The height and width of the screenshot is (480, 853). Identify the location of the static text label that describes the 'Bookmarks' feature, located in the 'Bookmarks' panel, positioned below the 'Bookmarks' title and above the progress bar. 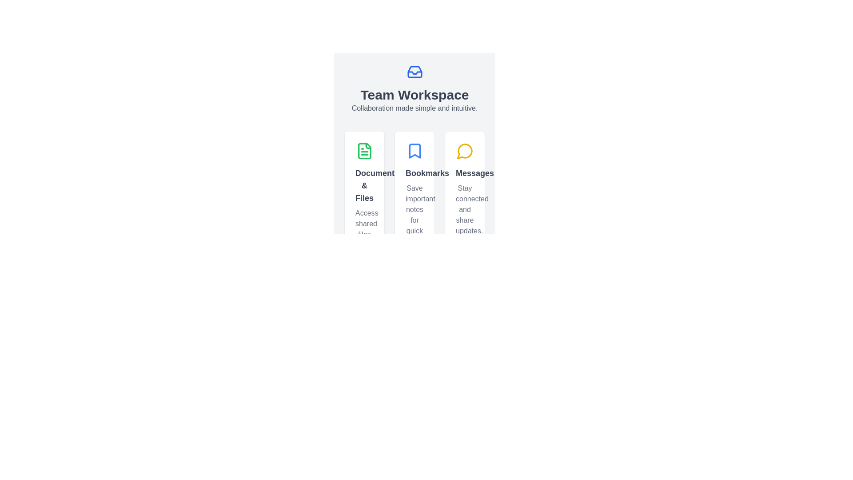
(414, 215).